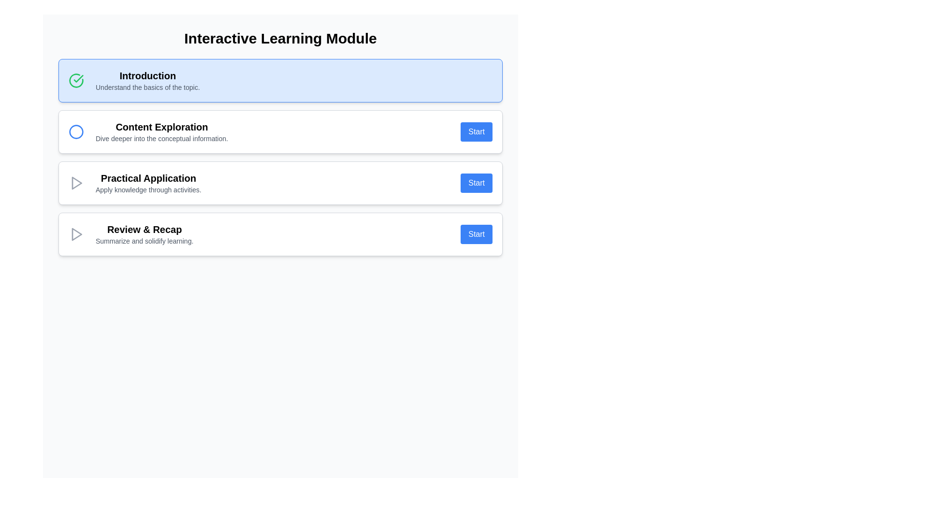  I want to click on text element that contains the phrase 'Apply knowledge through activities.' which is styled in gray and located beneath the heading 'Practical Application', so click(148, 190).